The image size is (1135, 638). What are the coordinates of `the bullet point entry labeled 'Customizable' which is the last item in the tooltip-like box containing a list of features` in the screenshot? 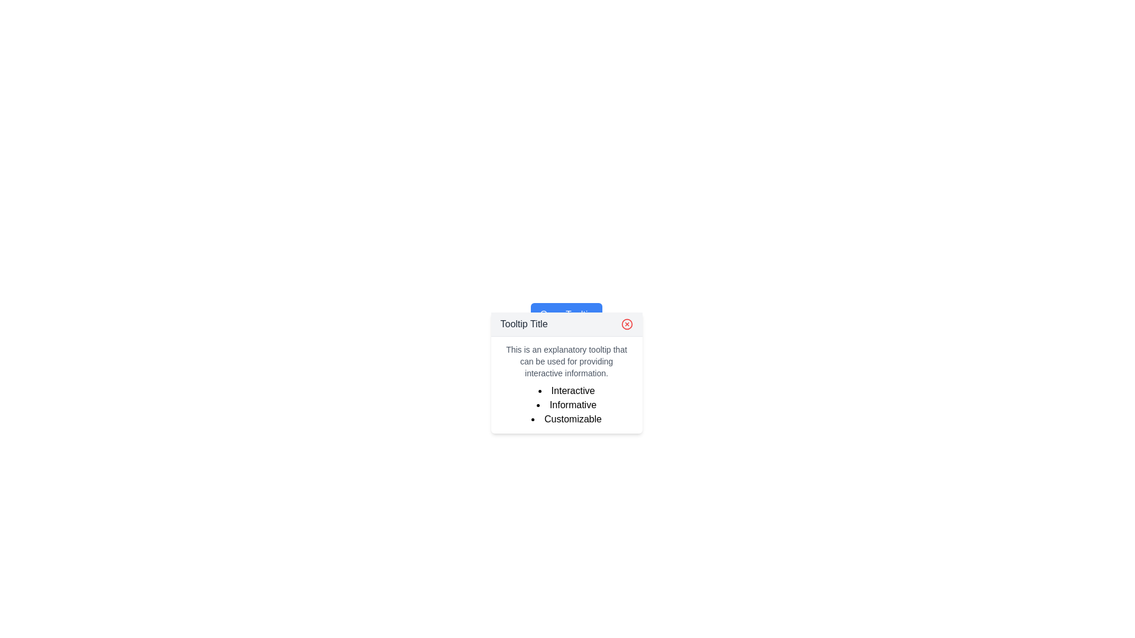 It's located at (566, 418).